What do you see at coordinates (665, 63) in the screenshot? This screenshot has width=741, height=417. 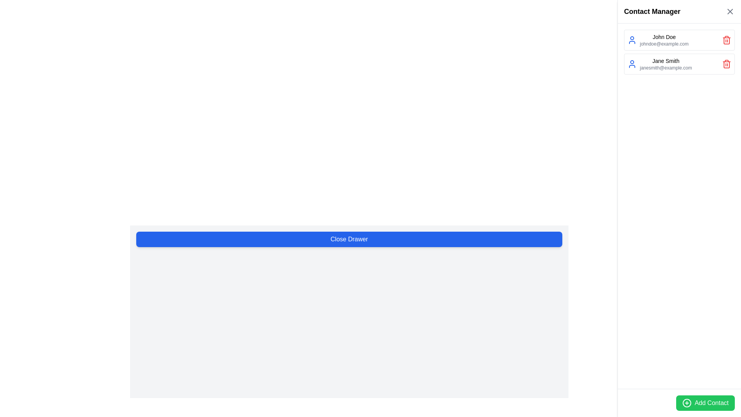 I see `the name 'Jane Smith' in the contact info display` at bounding box center [665, 63].